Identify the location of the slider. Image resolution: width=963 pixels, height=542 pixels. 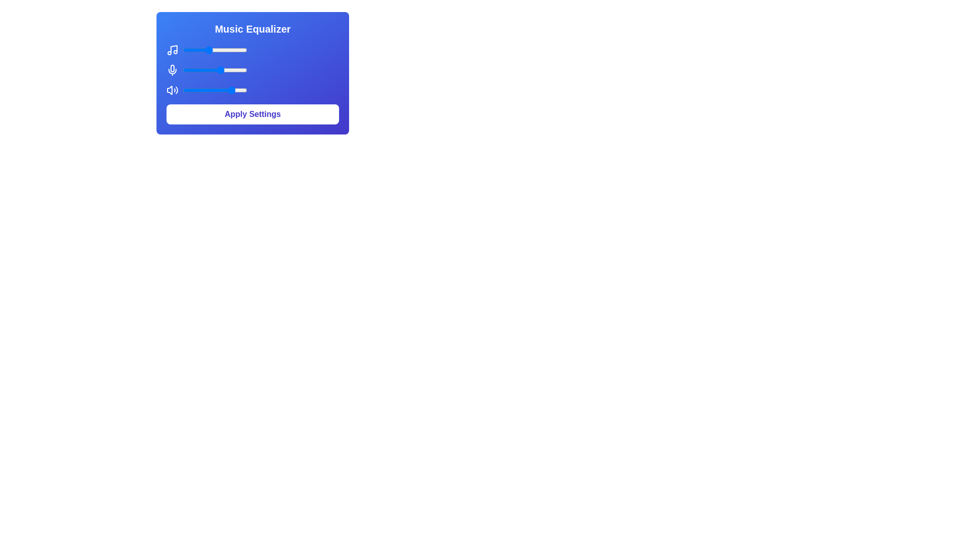
(238, 69).